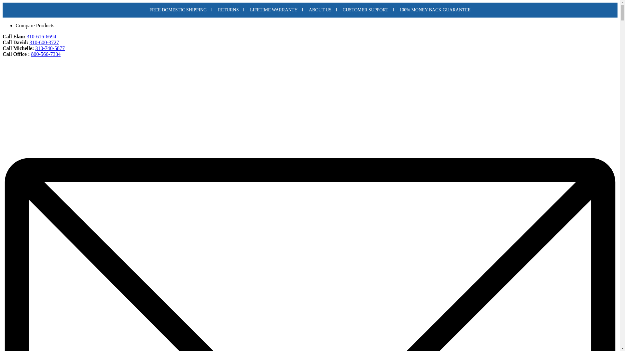 Image resolution: width=625 pixels, height=351 pixels. What do you see at coordinates (46, 54) in the screenshot?
I see `'800-566-7334'` at bounding box center [46, 54].